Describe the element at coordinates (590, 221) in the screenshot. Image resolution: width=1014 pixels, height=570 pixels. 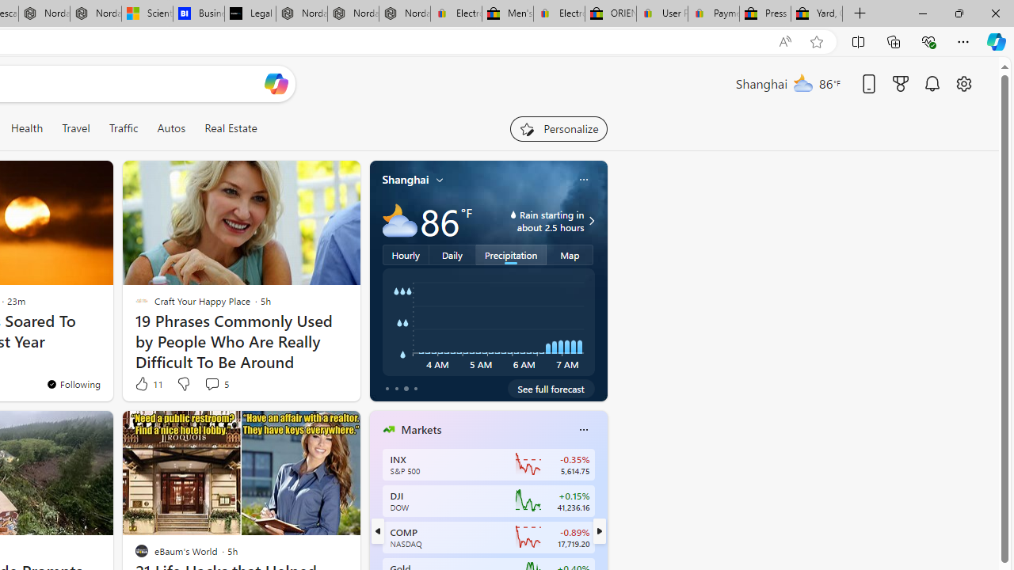
I see `'Class: weather-arrow-glyph'` at that location.